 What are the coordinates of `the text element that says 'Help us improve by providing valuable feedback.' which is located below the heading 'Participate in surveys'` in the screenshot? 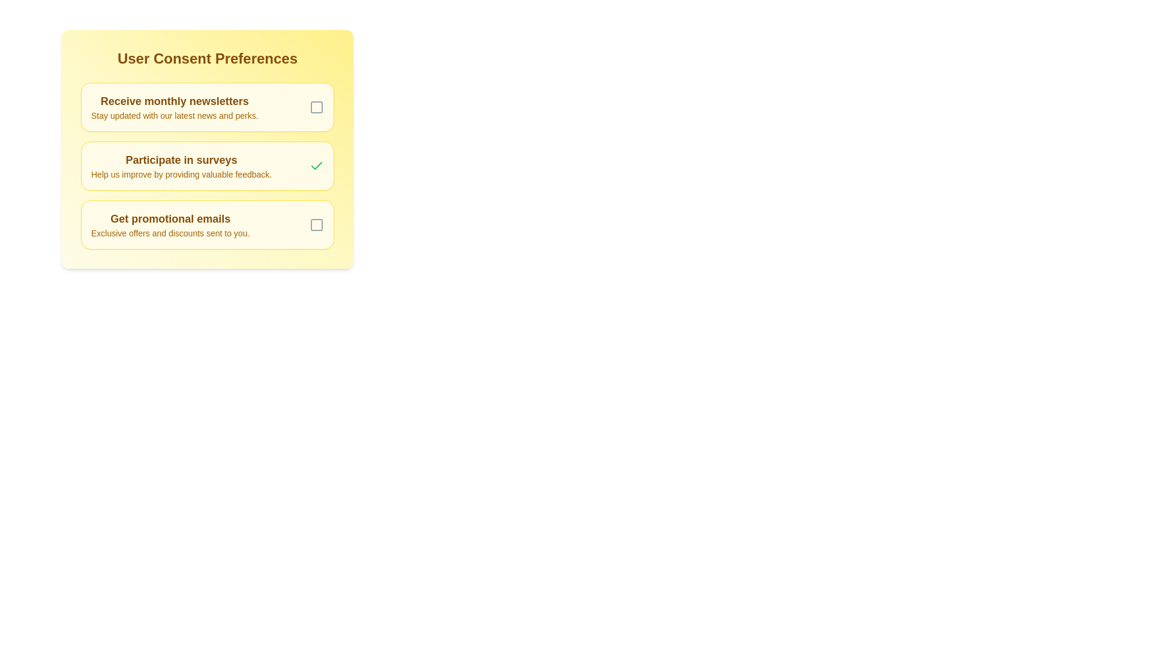 It's located at (181, 174).